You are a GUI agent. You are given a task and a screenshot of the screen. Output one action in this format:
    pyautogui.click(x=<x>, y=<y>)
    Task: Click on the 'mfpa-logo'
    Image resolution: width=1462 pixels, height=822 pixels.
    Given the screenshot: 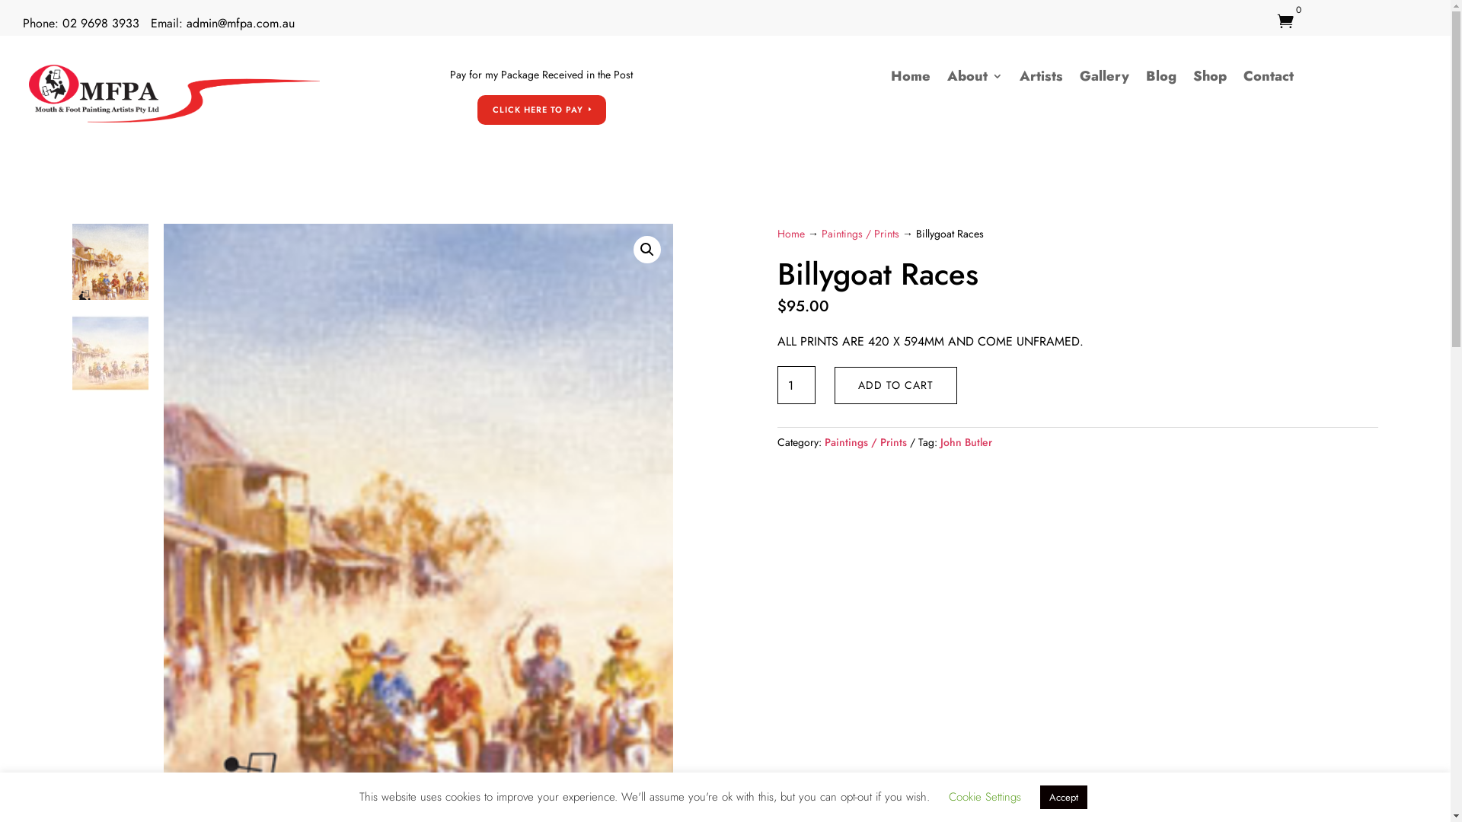 What is the action you would take?
    pyautogui.click(x=174, y=94)
    